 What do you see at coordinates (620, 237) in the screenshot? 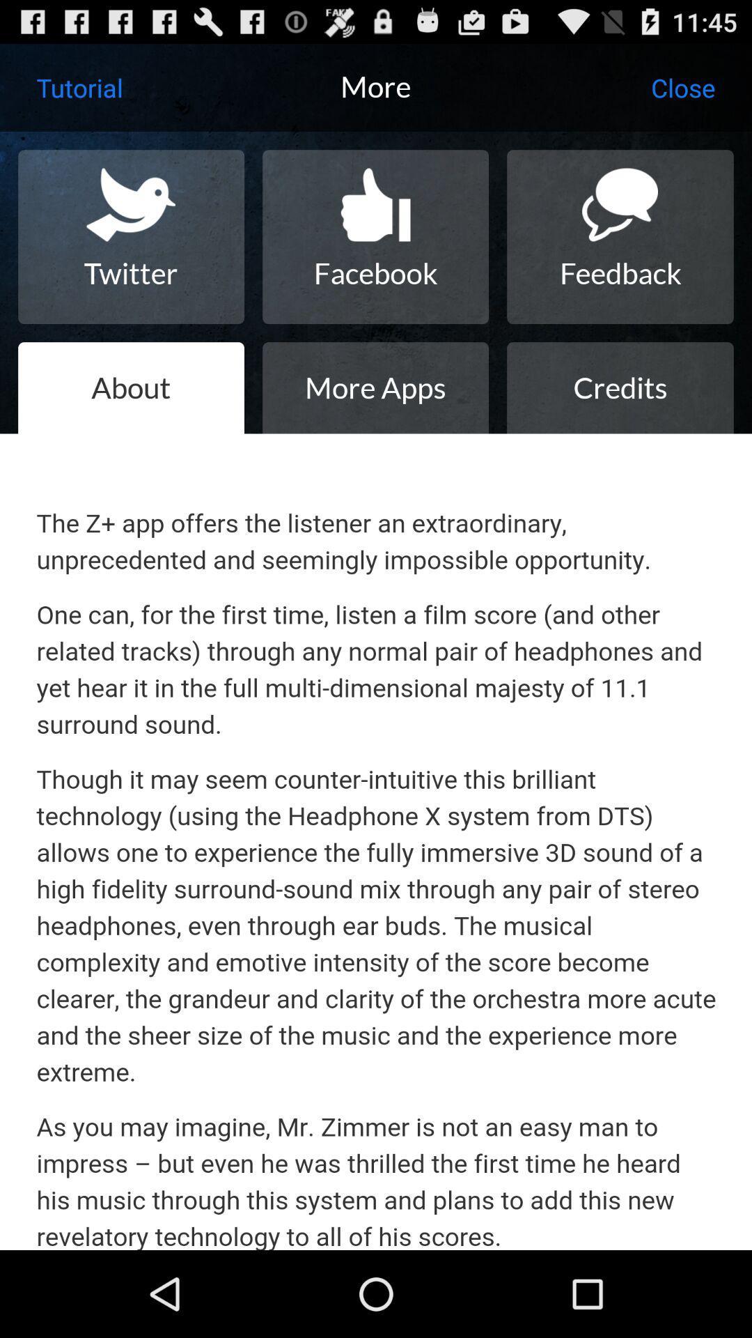
I see `icon above the credits item` at bounding box center [620, 237].